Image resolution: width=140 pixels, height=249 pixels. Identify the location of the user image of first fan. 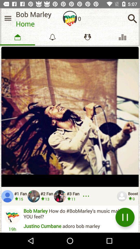
(7, 196).